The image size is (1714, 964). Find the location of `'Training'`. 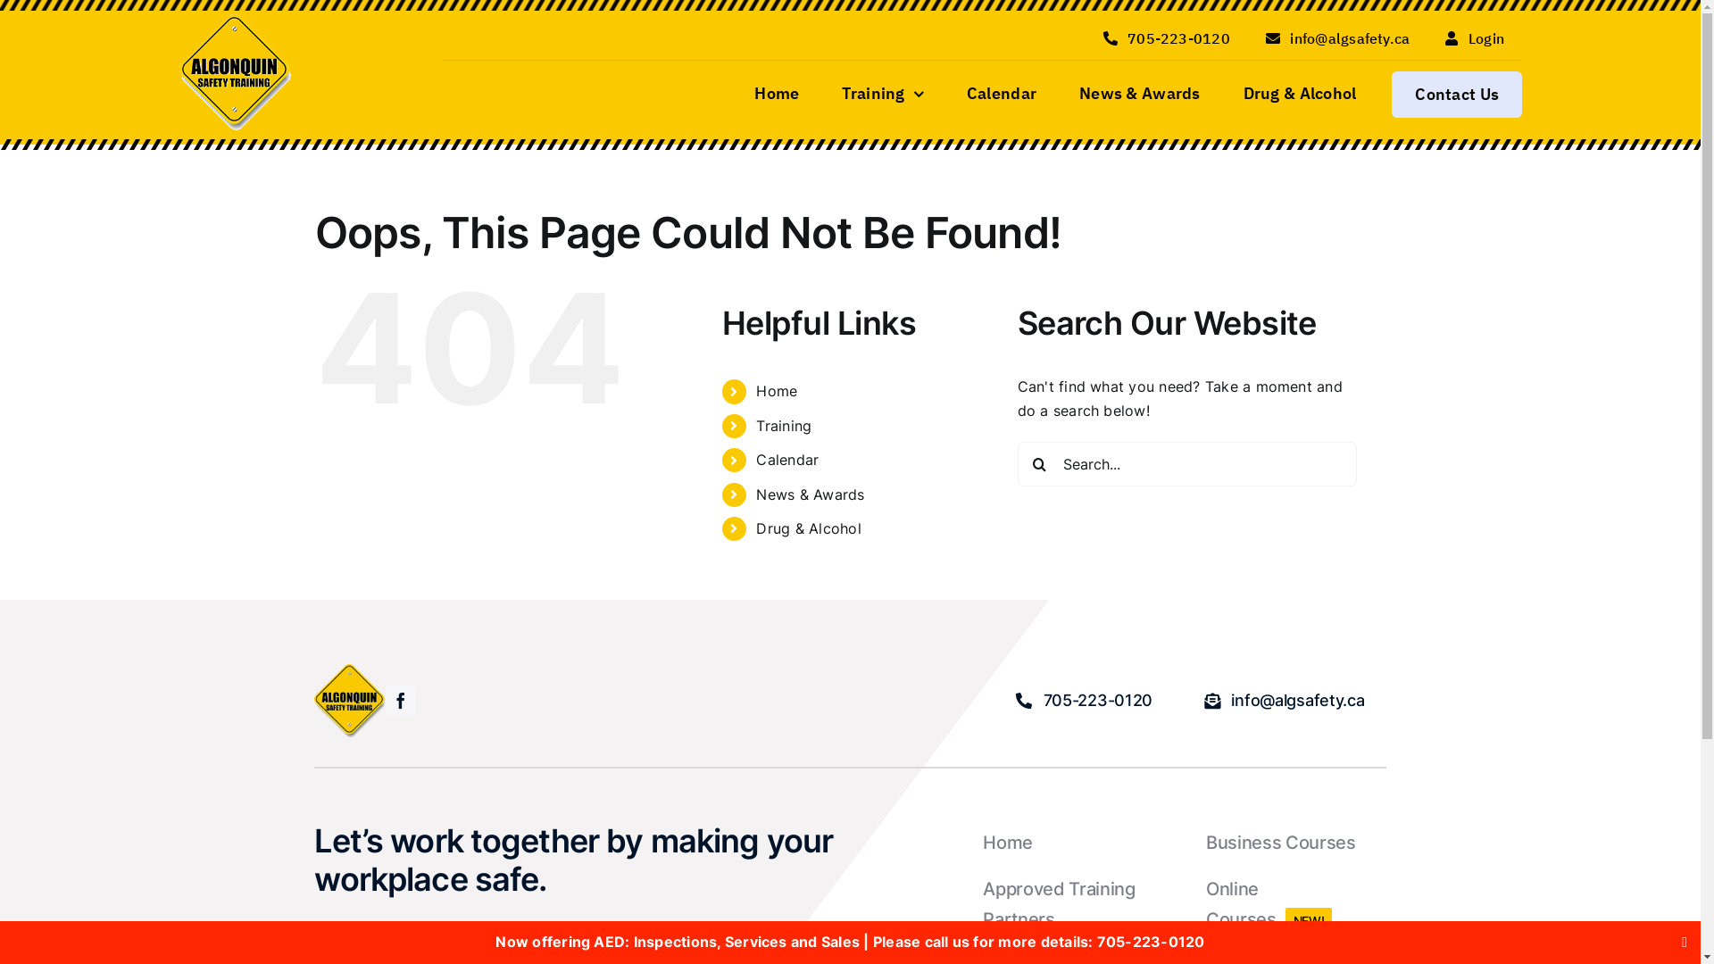

'Training' is located at coordinates (755, 426).